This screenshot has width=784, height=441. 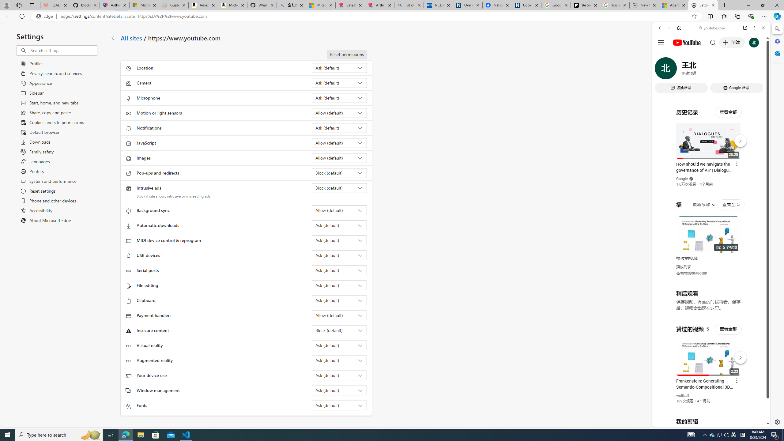 What do you see at coordinates (707, 422) in the screenshot?
I see `'Class: dict_pnIcon rms_img'` at bounding box center [707, 422].